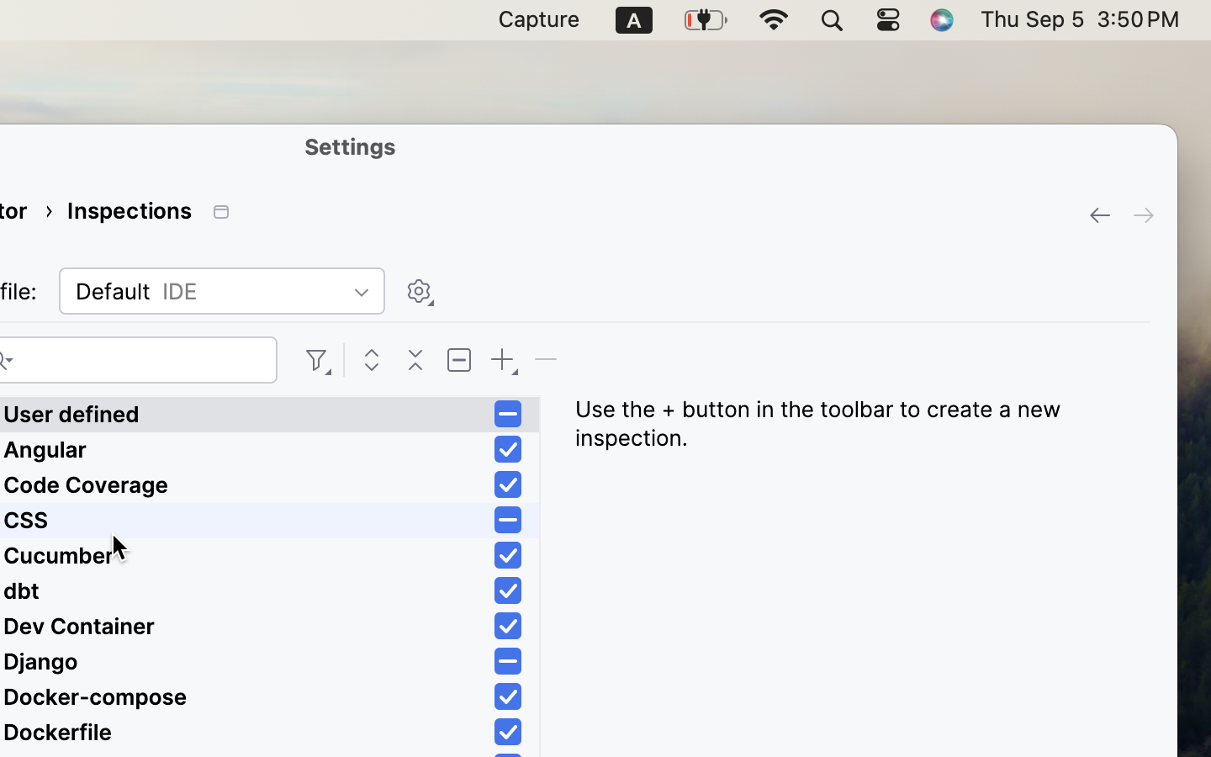 Image resolution: width=1211 pixels, height=757 pixels. I want to click on 'Default', so click(220, 290).